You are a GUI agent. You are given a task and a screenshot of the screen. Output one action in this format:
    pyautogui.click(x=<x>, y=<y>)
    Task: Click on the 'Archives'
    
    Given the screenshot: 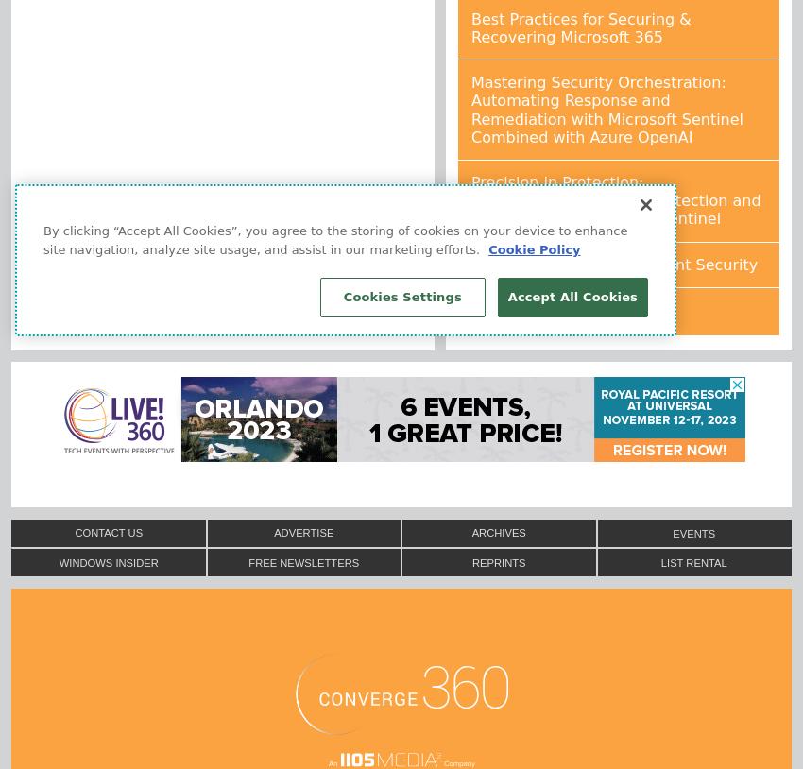 What is the action you would take?
    pyautogui.click(x=471, y=532)
    